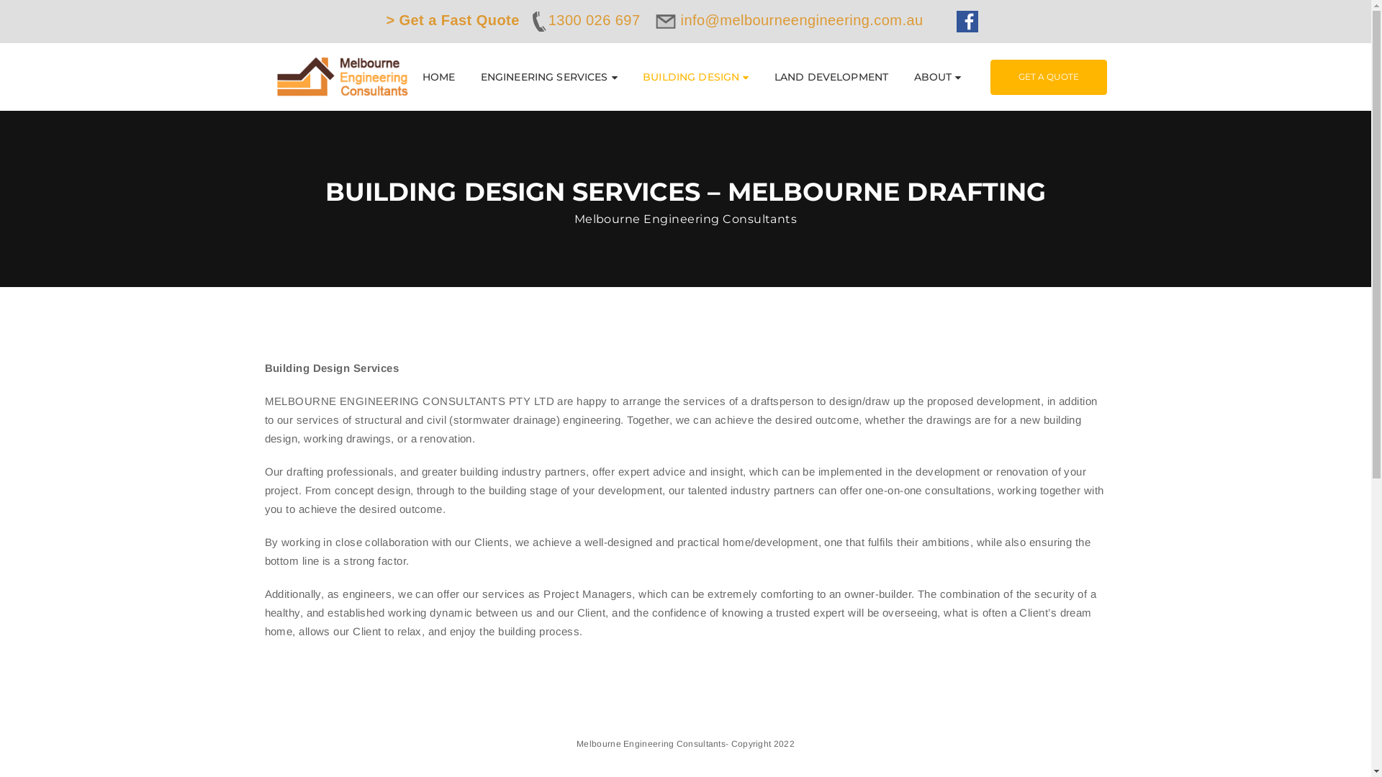 This screenshot has width=1382, height=777. What do you see at coordinates (548, 77) in the screenshot?
I see `'ENGINEERING SERVICES'` at bounding box center [548, 77].